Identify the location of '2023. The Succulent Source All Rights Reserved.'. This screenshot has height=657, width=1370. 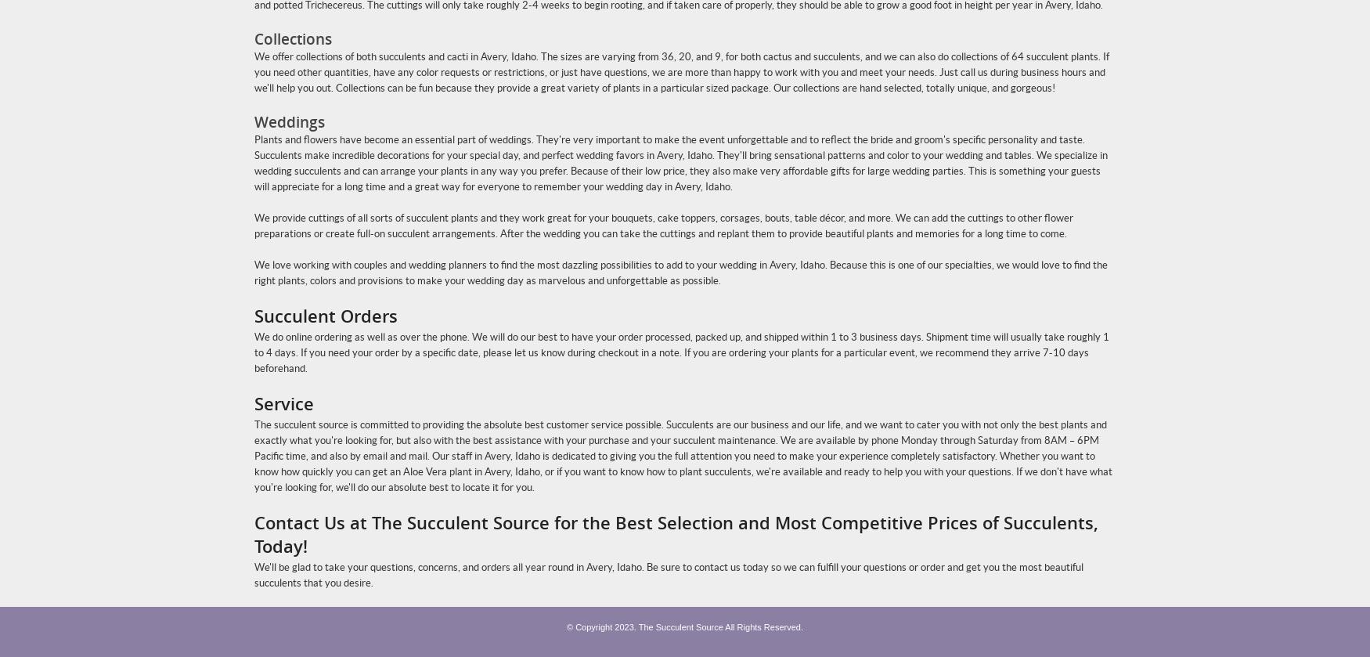
(708, 626).